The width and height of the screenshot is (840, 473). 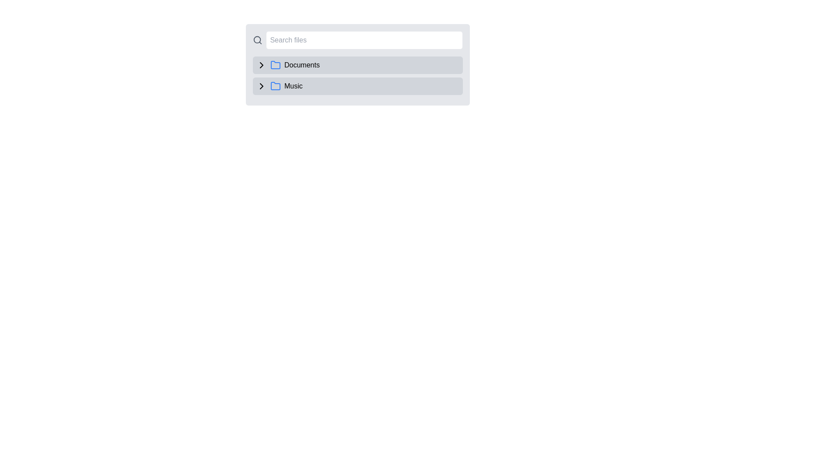 I want to click on the list item labeled 'Music' in the navigation panel, so click(x=357, y=86).